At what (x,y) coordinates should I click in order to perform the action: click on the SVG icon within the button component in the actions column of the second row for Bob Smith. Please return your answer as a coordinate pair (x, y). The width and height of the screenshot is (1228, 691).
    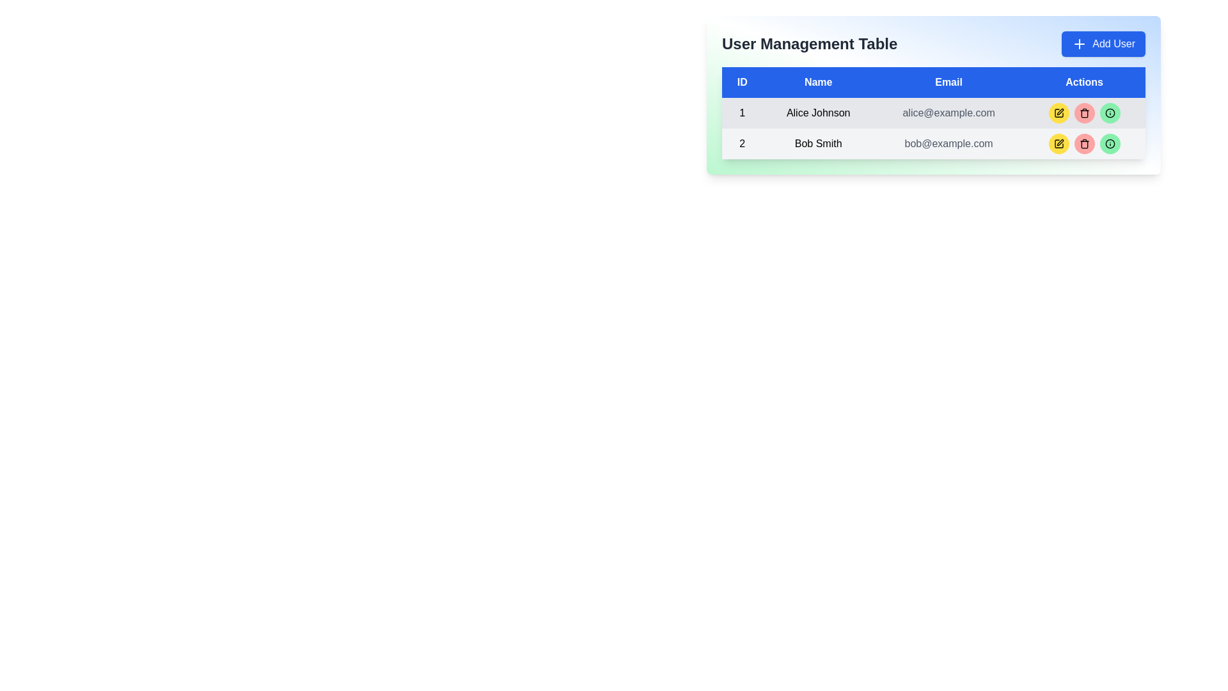
    Looking at the image, I should click on (1083, 113).